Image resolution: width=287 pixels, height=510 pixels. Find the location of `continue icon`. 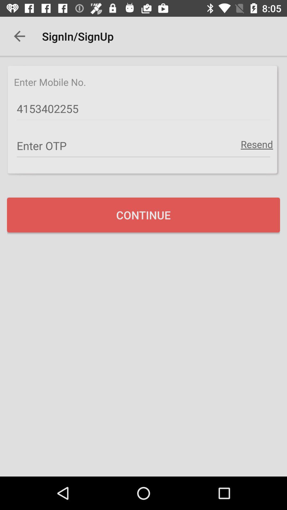

continue icon is located at coordinates (143, 215).